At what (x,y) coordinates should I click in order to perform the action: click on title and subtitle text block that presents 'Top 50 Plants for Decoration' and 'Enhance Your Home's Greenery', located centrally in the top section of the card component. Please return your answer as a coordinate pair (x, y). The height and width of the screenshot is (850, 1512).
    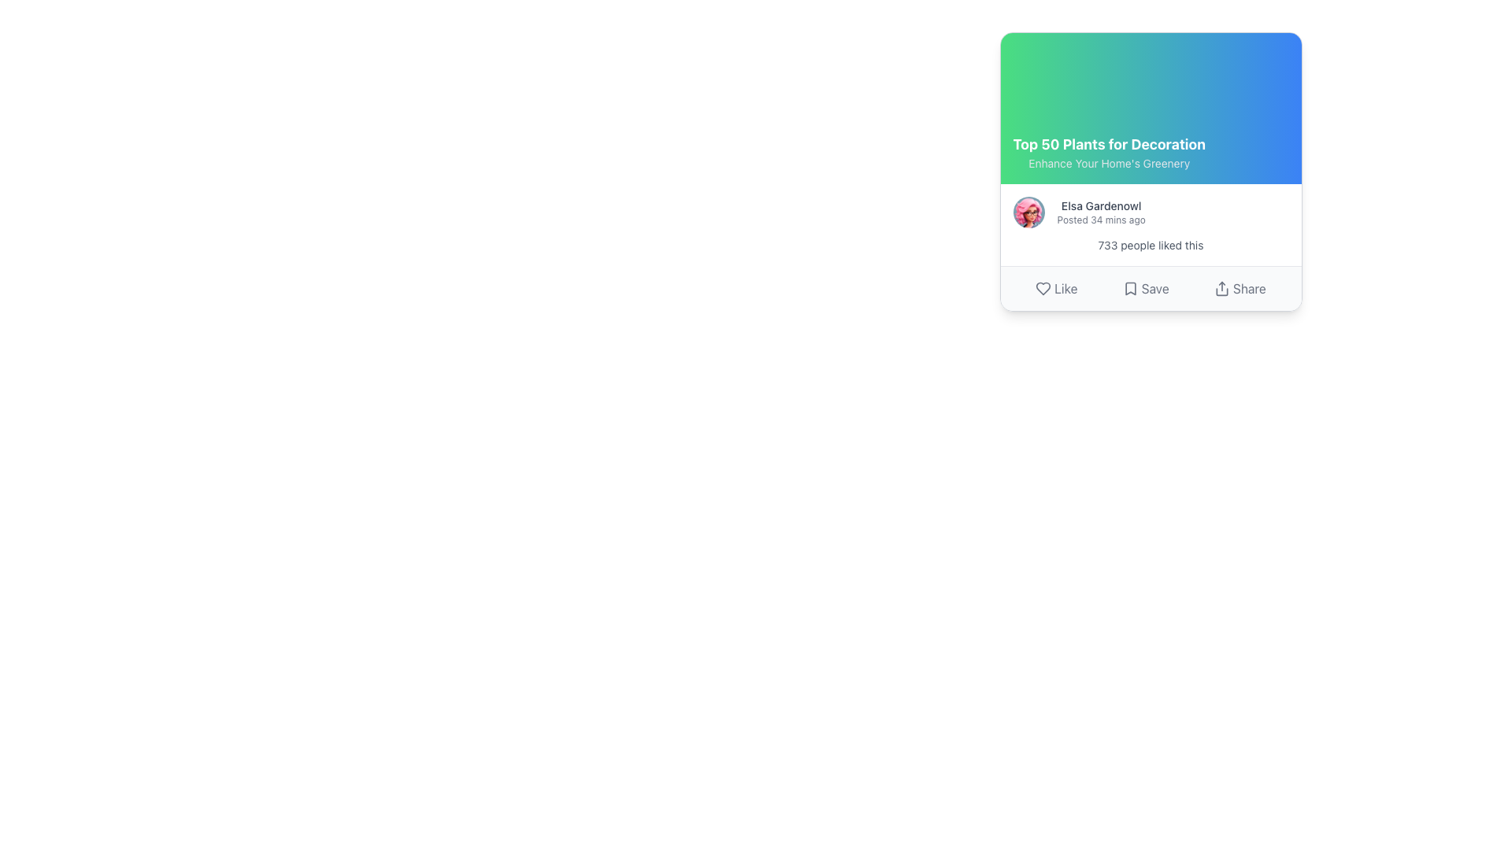
    Looking at the image, I should click on (1108, 152).